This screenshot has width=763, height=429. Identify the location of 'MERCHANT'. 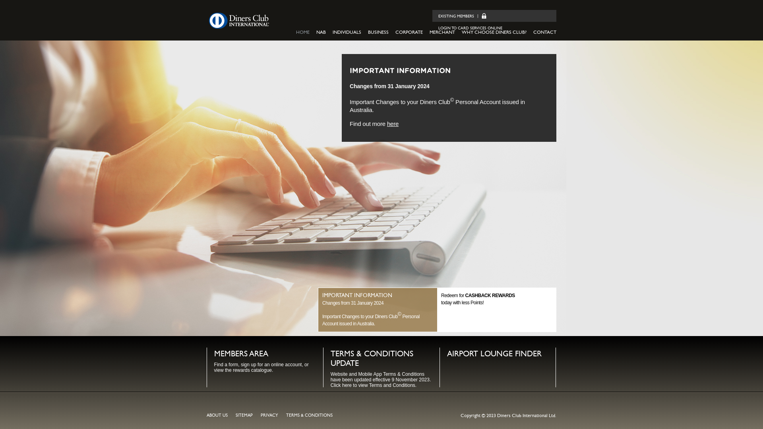
(442, 32).